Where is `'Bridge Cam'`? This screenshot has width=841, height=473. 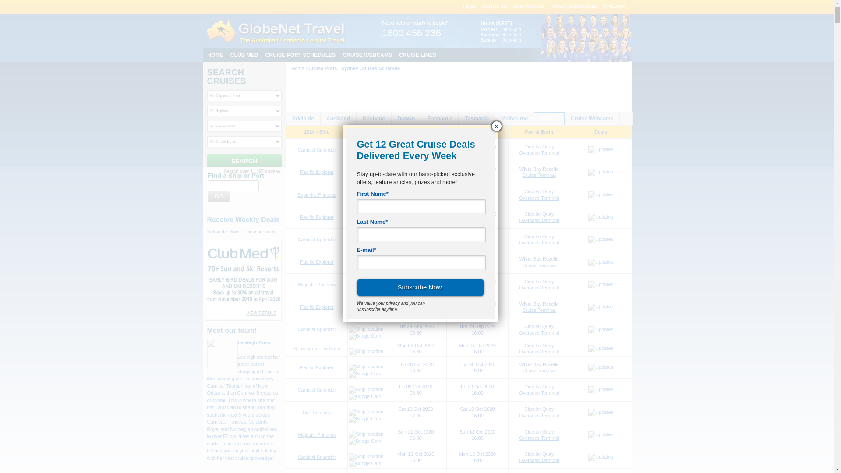 'Bridge Cam' is located at coordinates (365, 268).